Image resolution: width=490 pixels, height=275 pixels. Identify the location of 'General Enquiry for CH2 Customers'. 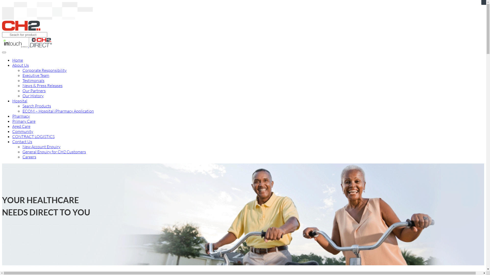
(54, 152).